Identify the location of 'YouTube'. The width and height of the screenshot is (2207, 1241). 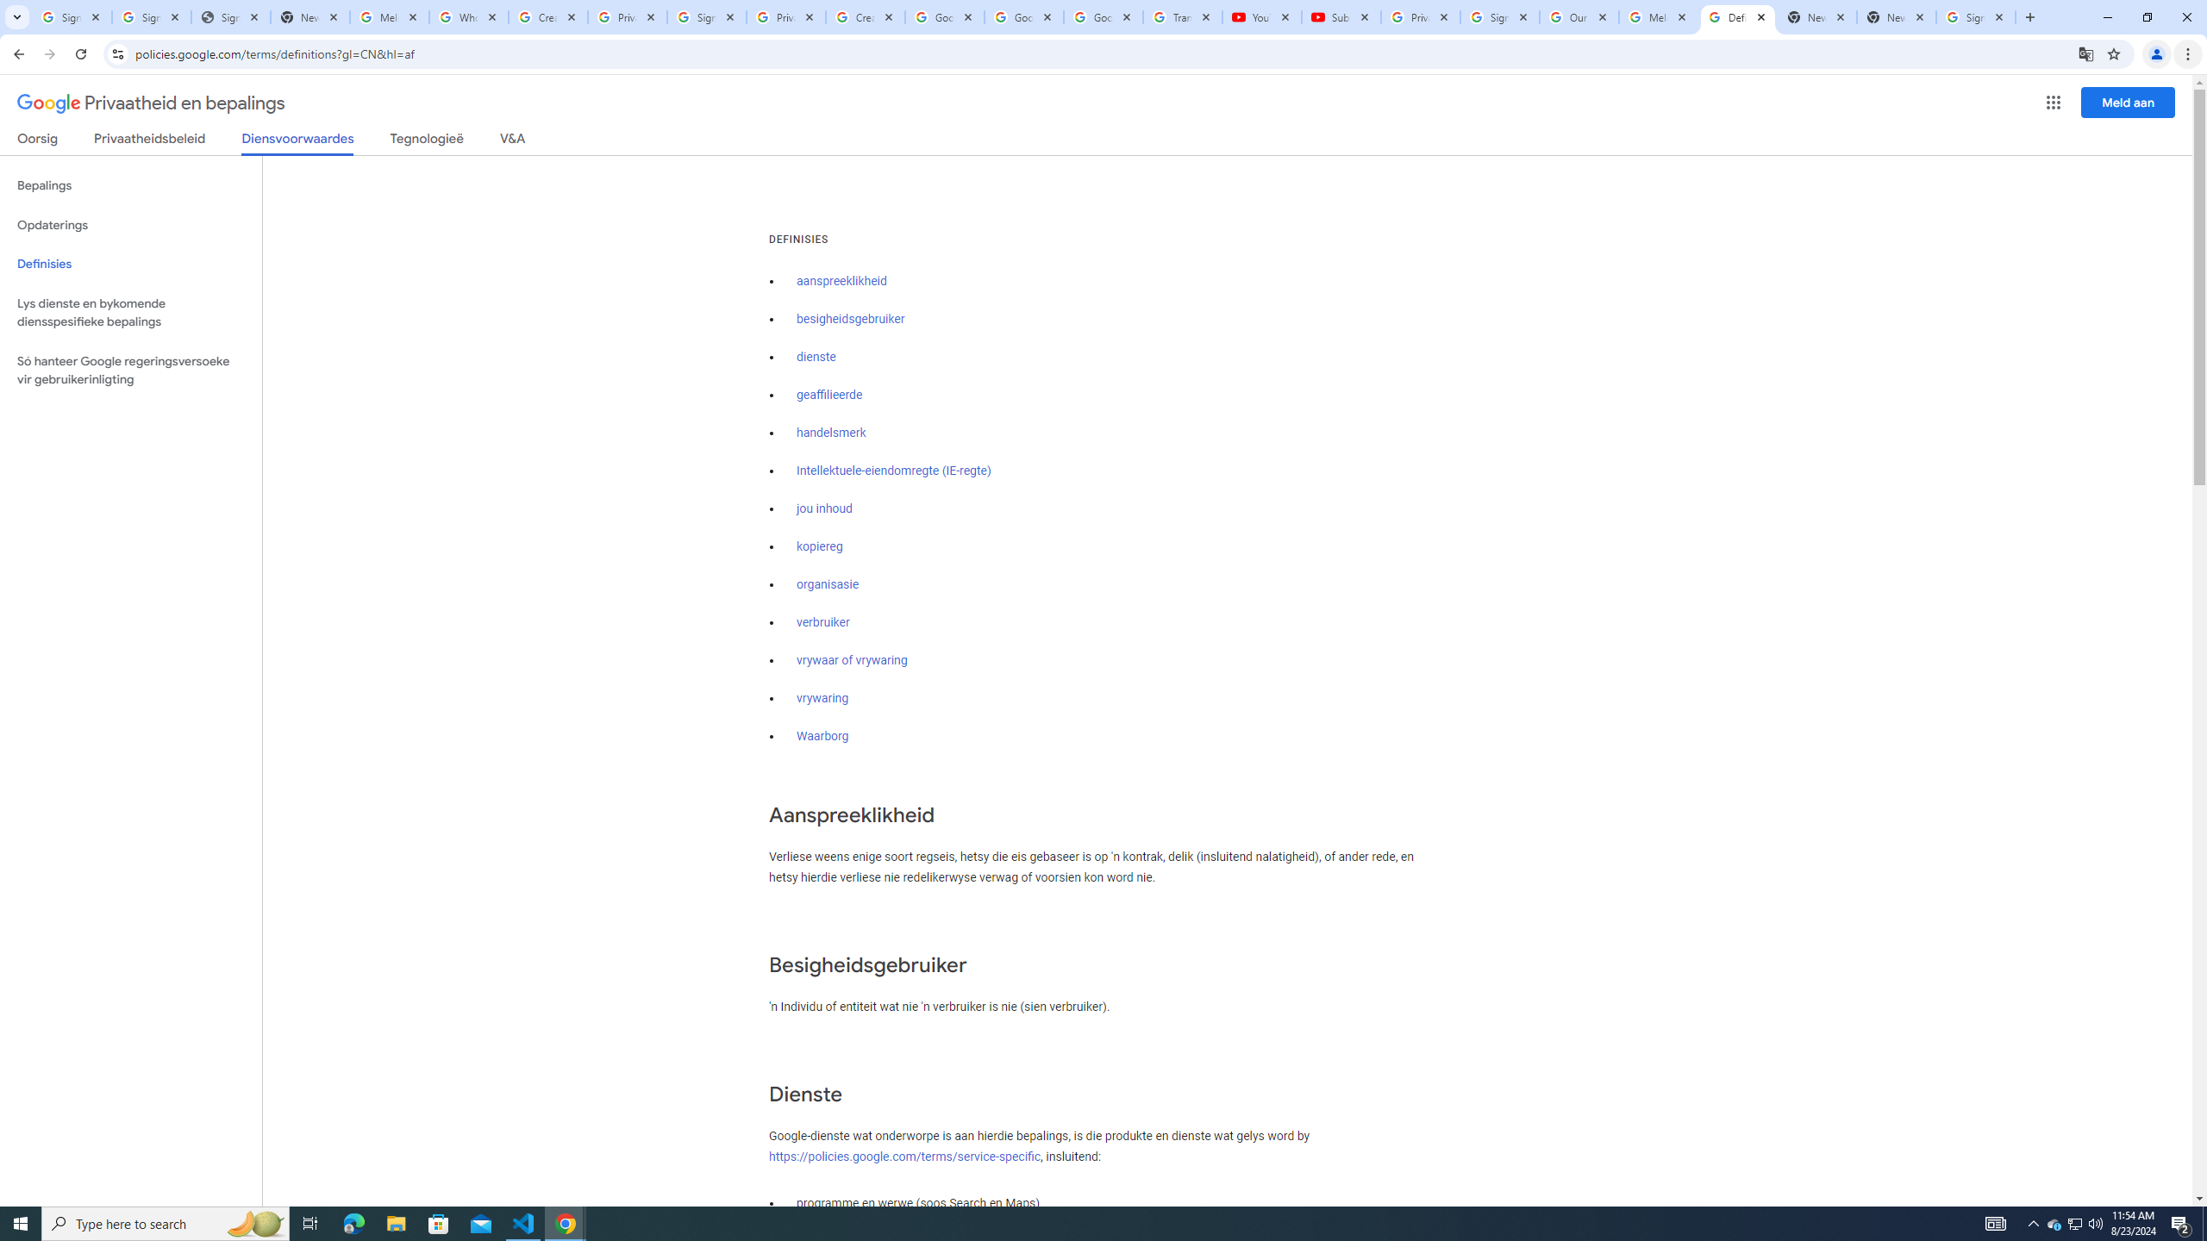
(1261, 16).